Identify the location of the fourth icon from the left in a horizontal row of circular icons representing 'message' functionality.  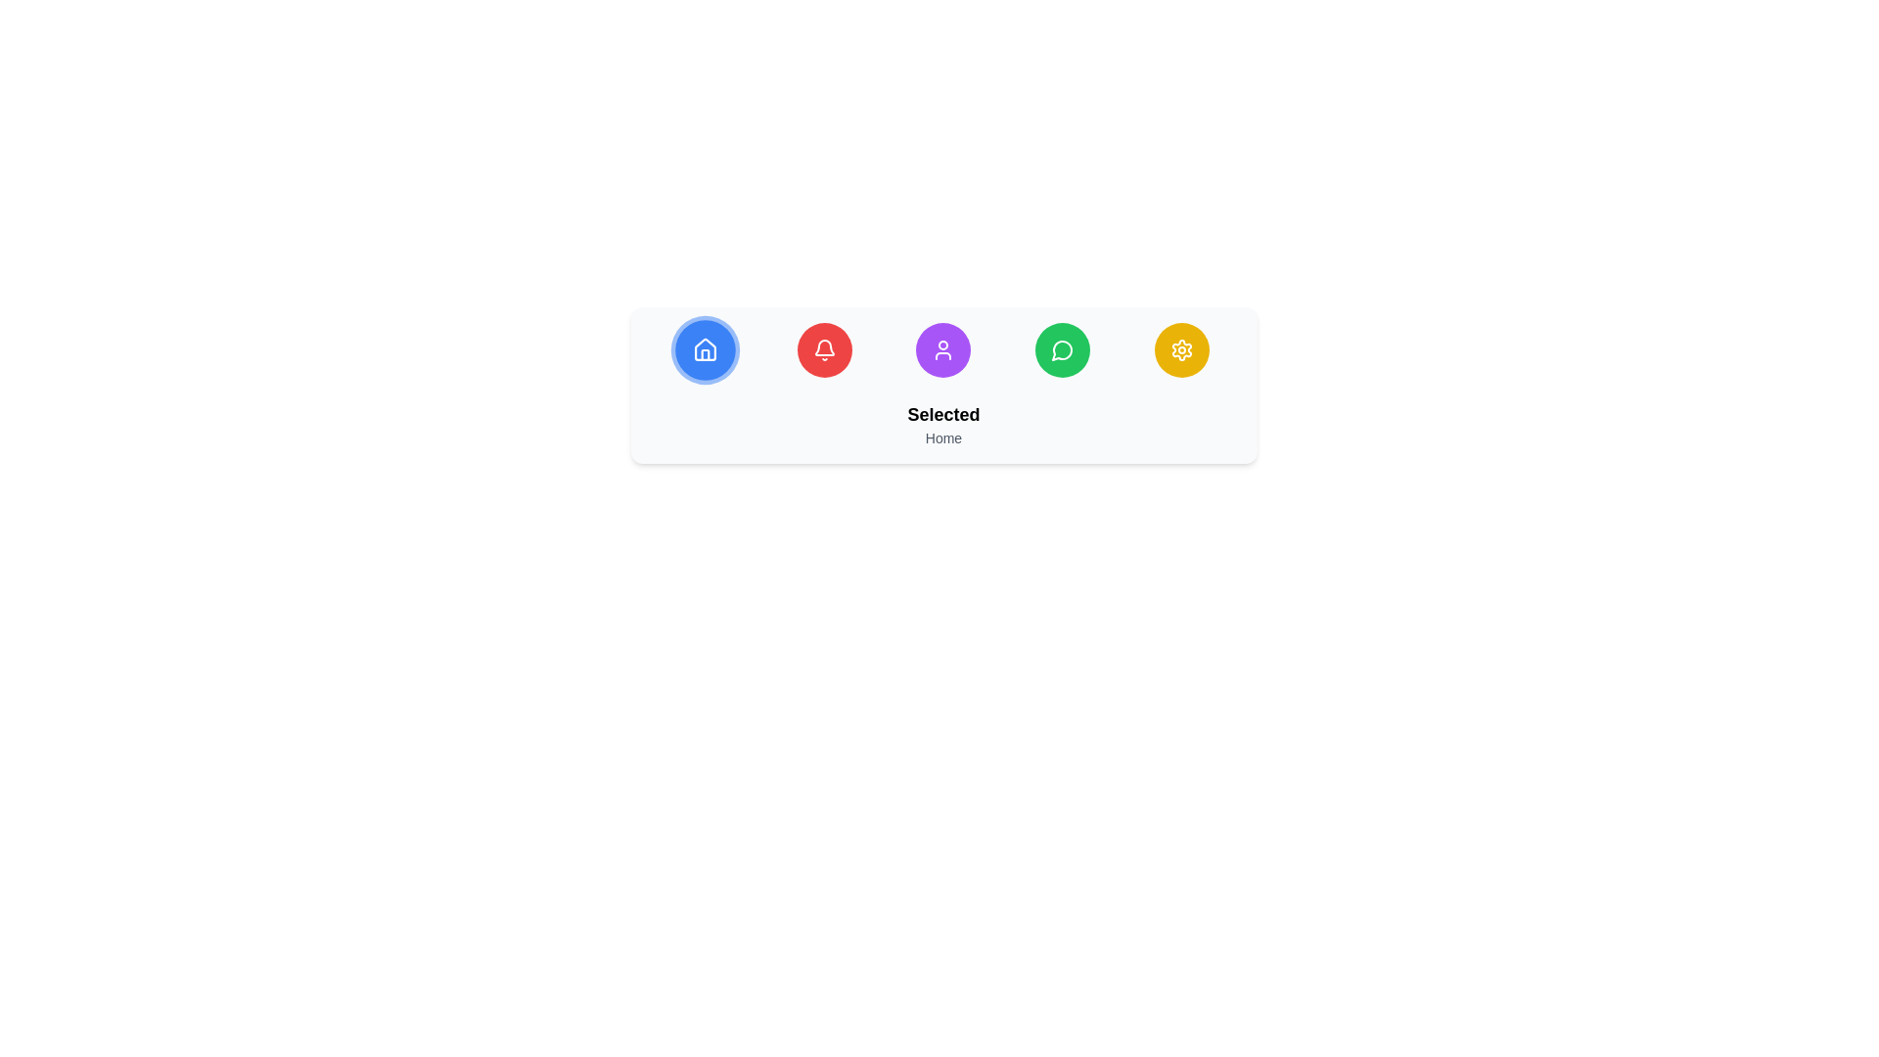
(1062, 349).